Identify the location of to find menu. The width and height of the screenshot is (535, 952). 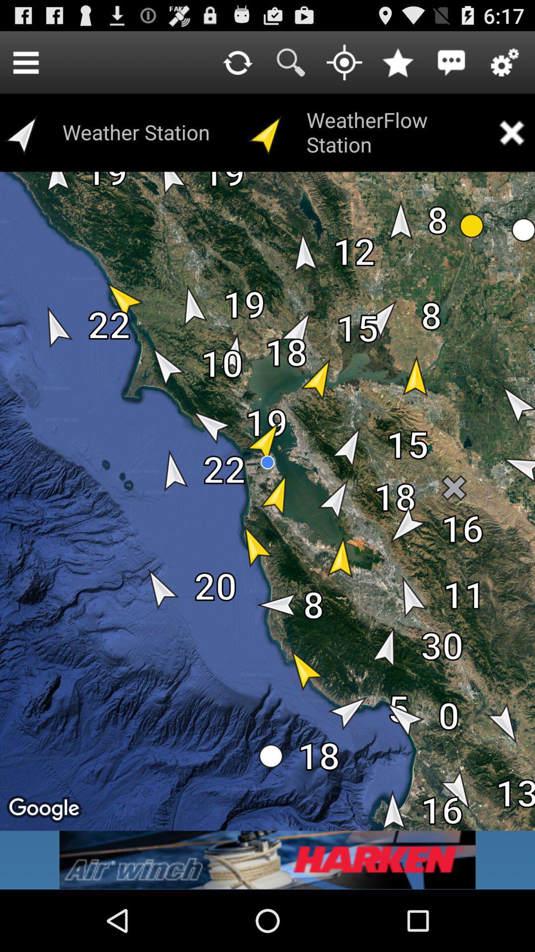
(25, 61).